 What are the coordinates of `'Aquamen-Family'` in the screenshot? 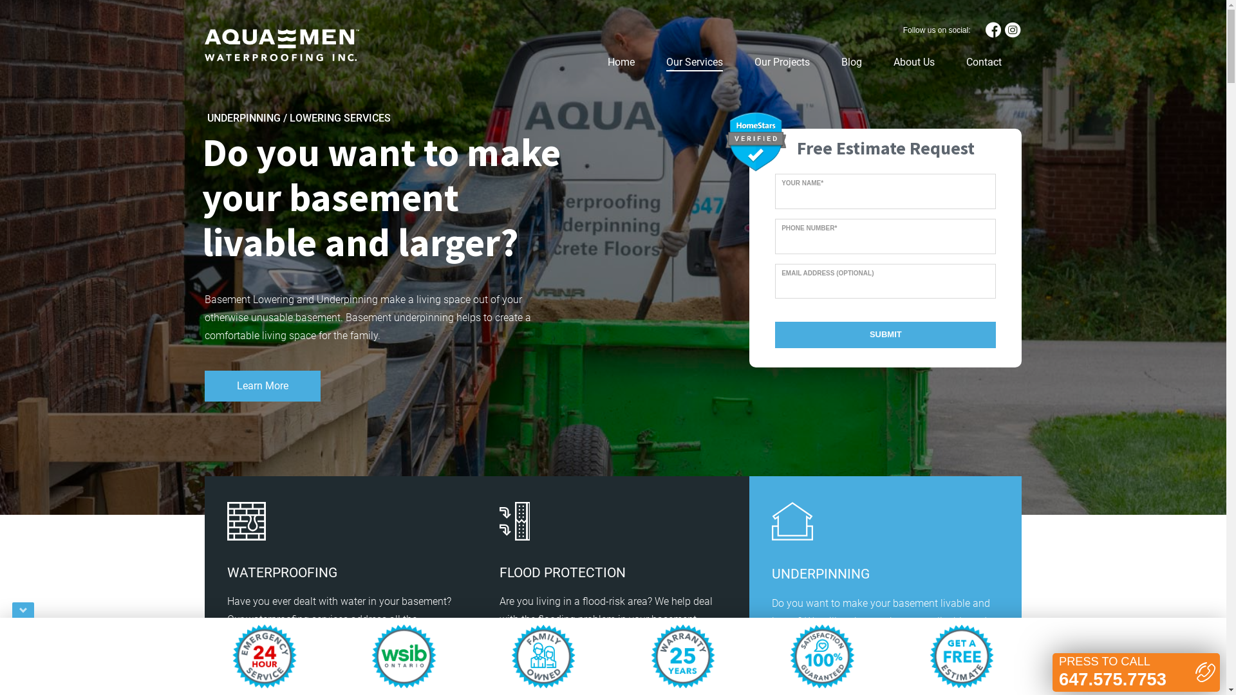 It's located at (543, 656).